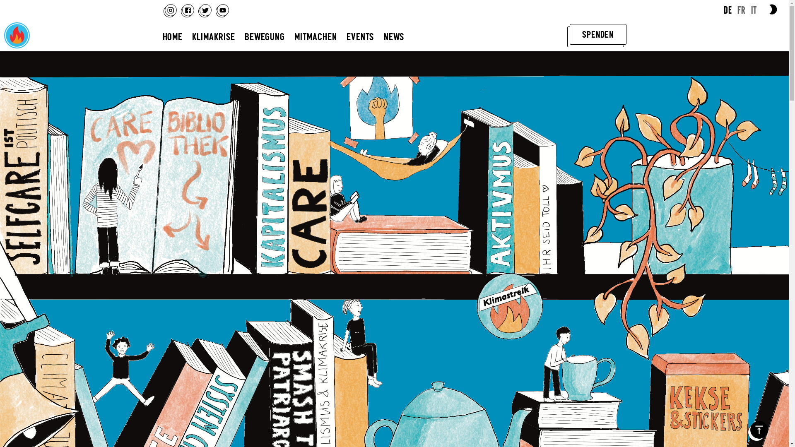 The height and width of the screenshot is (447, 795). What do you see at coordinates (741, 10) in the screenshot?
I see `'FR'` at bounding box center [741, 10].